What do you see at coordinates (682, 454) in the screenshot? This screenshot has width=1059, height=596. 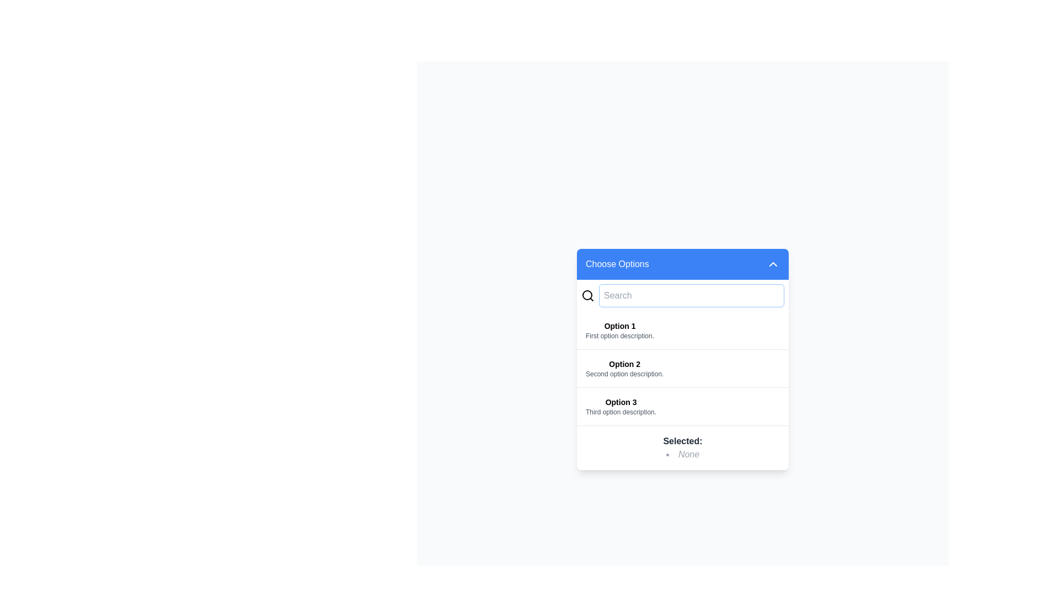 I see `text content of the Text/Label displaying 'None', which indicates a currently unselected state within the section titled 'Selected:'` at bounding box center [682, 454].